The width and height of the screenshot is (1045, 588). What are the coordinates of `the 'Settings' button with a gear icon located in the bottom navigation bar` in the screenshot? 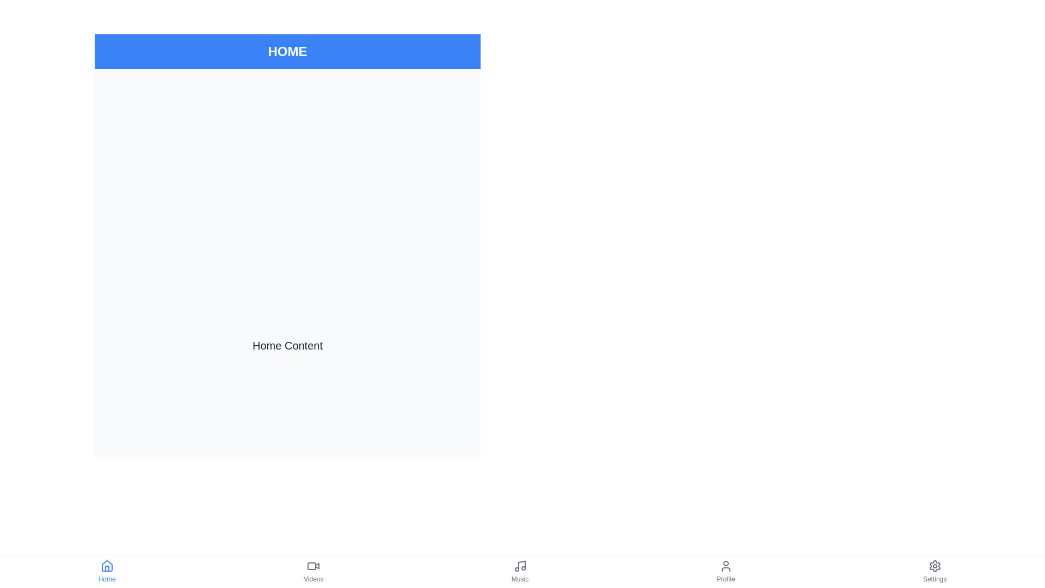 It's located at (934, 571).